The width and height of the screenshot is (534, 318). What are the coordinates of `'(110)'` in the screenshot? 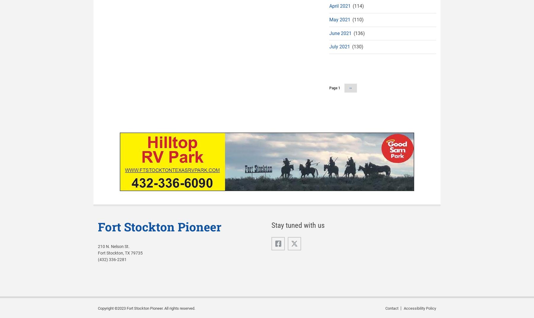 It's located at (357, 19).